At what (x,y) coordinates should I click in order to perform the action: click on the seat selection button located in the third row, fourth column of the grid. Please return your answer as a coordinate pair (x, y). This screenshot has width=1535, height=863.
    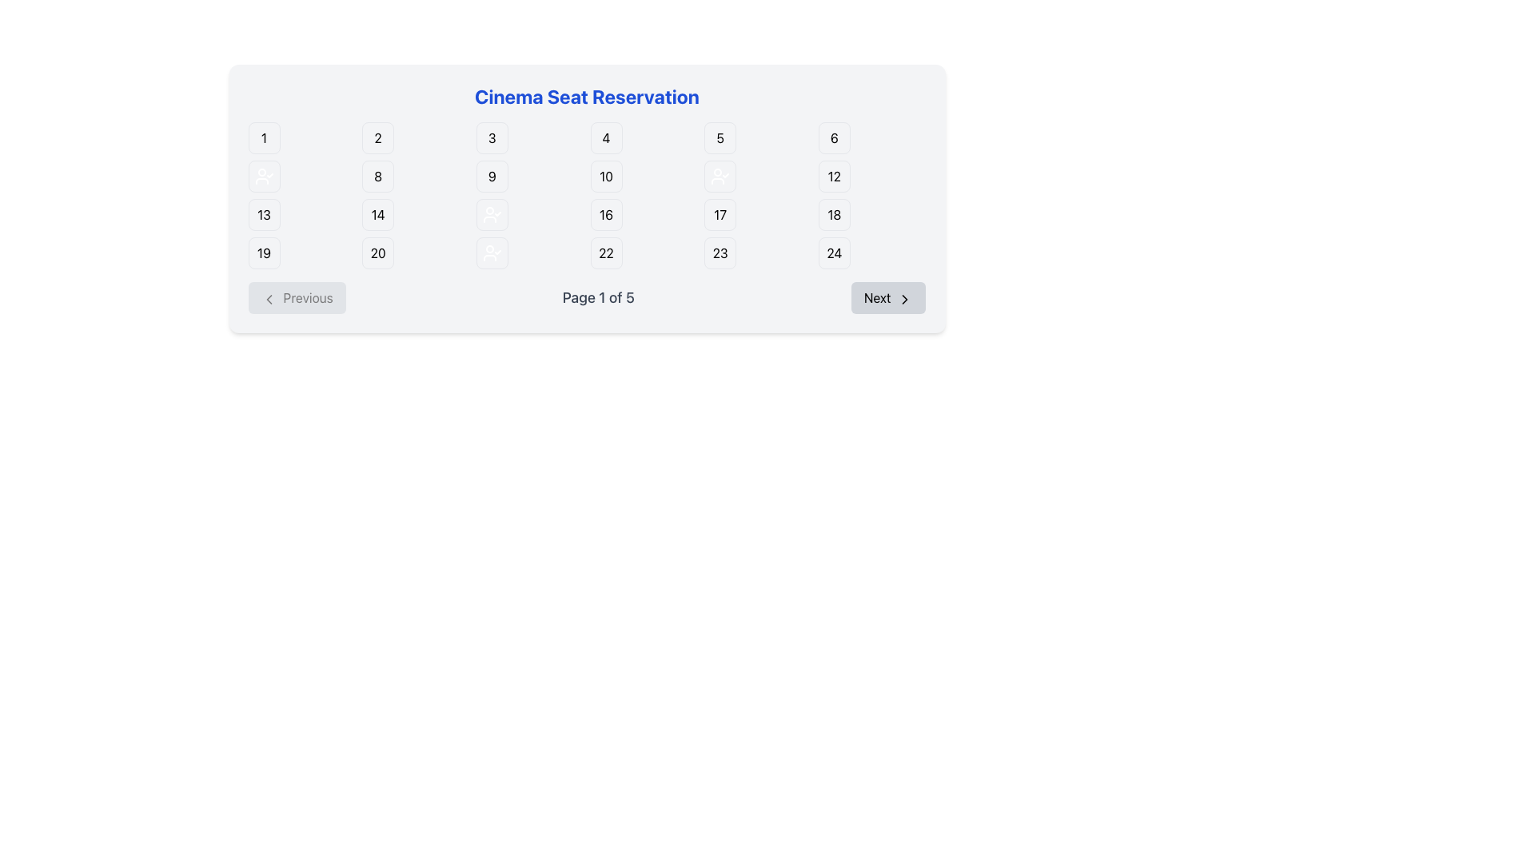
    Looking at the image, I should click on (720, 214).